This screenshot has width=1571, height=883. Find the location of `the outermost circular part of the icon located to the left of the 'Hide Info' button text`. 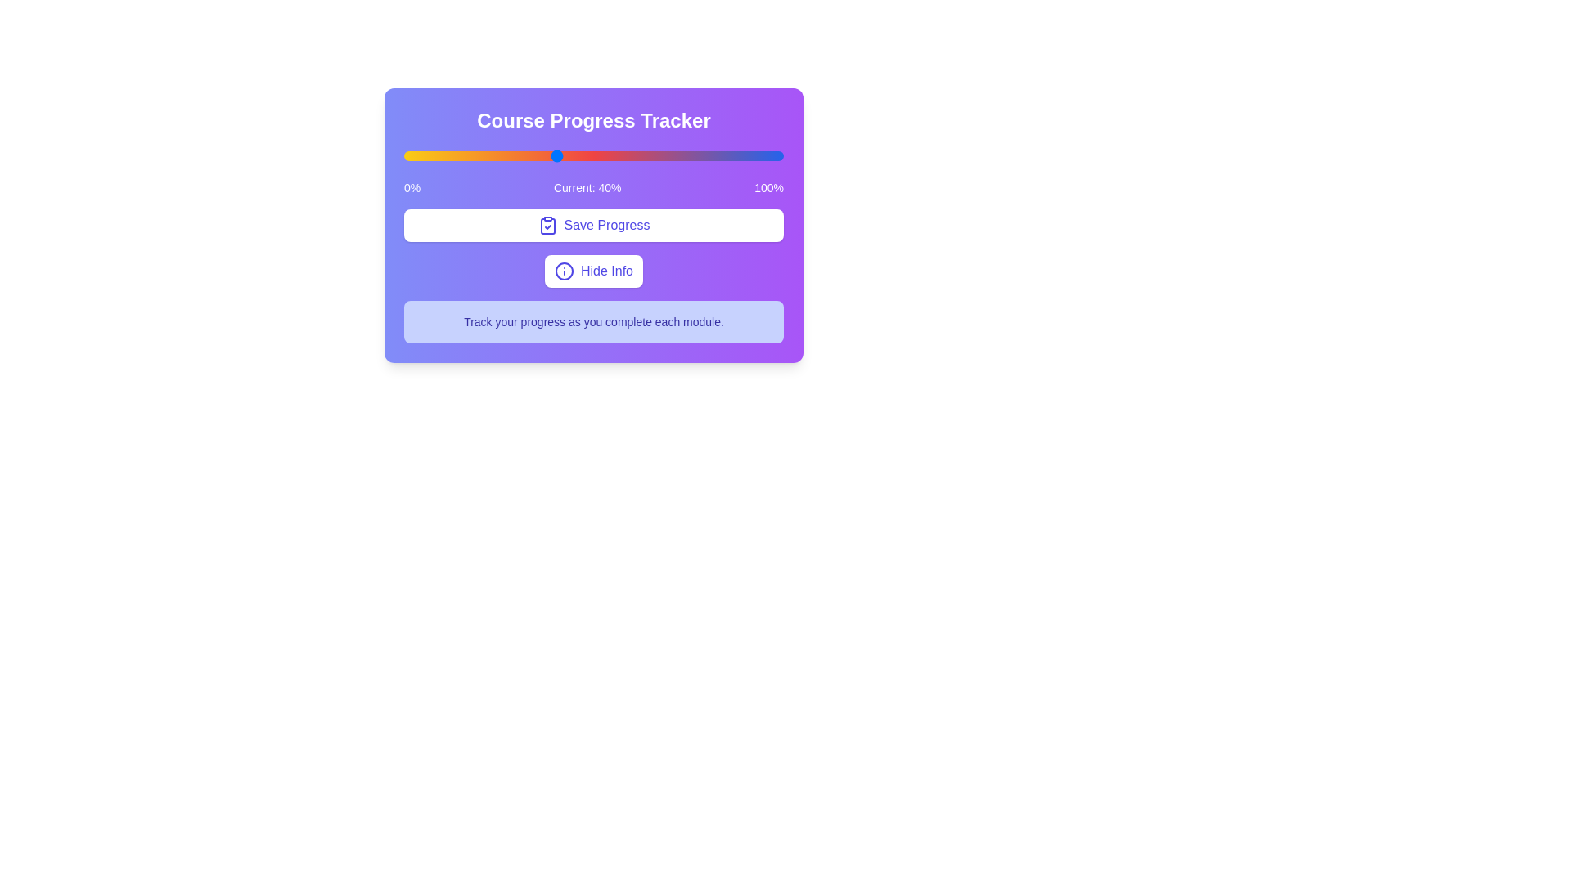

the outermost circular part of the icon located to the left of the 'Hide Info' button text is located at coordinates (565, 270).